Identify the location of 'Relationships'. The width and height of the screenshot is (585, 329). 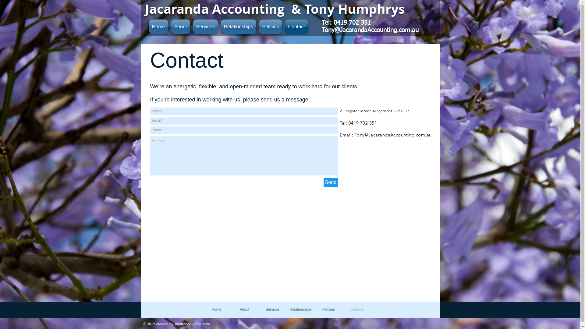
(286, 309).